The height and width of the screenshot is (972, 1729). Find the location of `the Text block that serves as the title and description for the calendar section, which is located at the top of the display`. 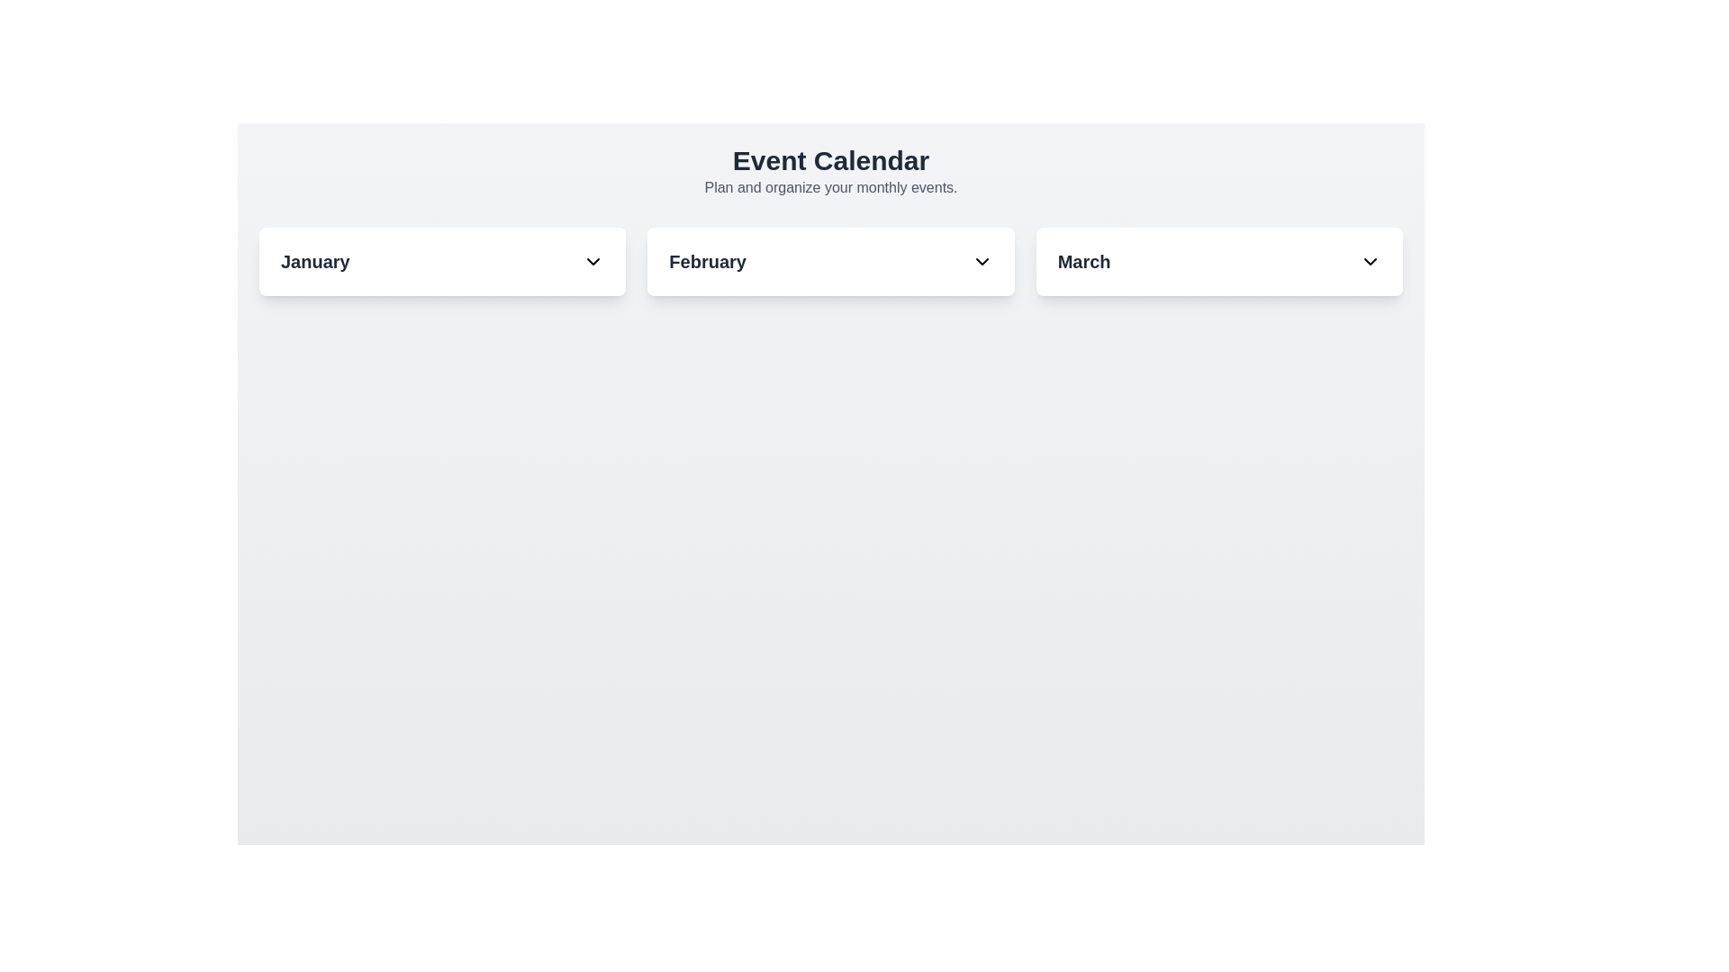

the Text block that serves as the title and description for the calendar section, which is located at the top of the display is located at coordinates (829, 172).